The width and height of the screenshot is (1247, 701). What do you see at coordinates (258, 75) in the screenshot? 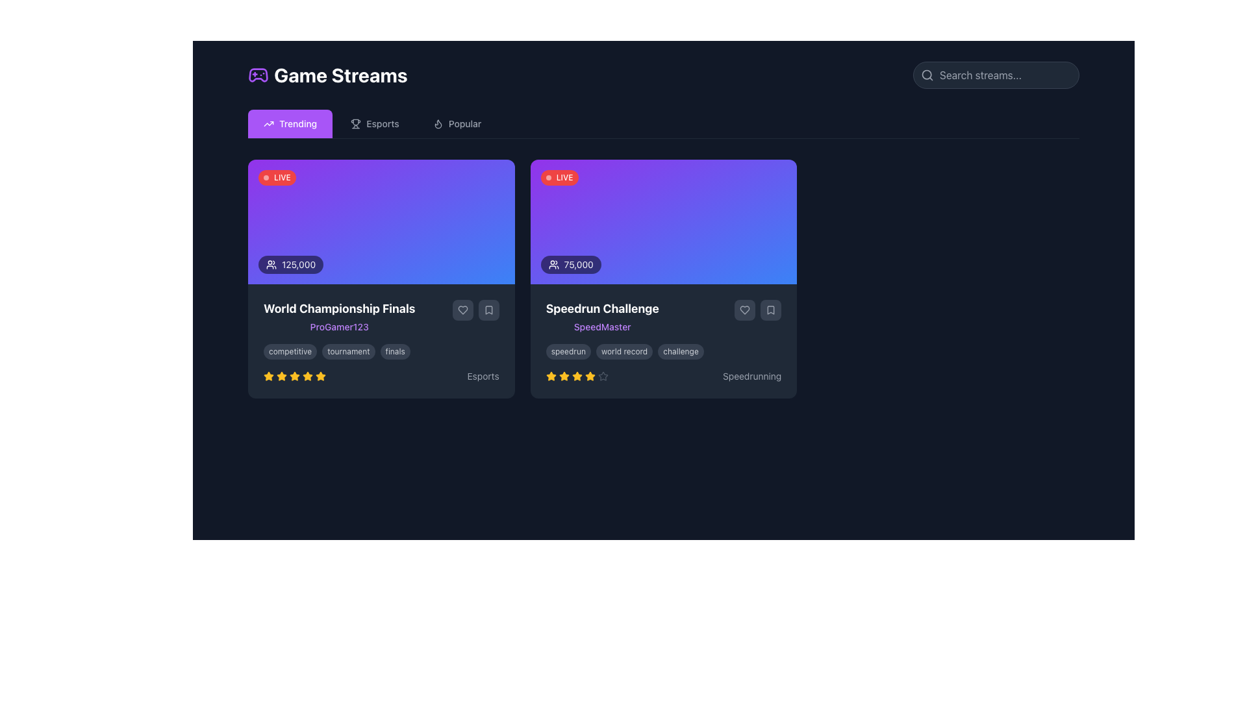
I see `the gamepad-shaped icon located in the top-left corner of the interface, adjacent to the 'Game Streams' heading` at bounding box center [258, 75].